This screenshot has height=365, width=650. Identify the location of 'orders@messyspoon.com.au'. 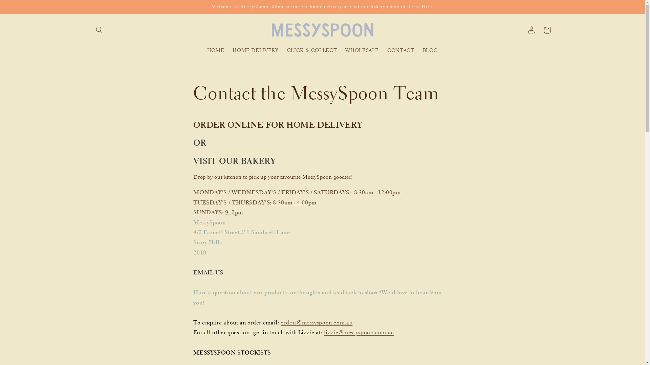
(316, 322).